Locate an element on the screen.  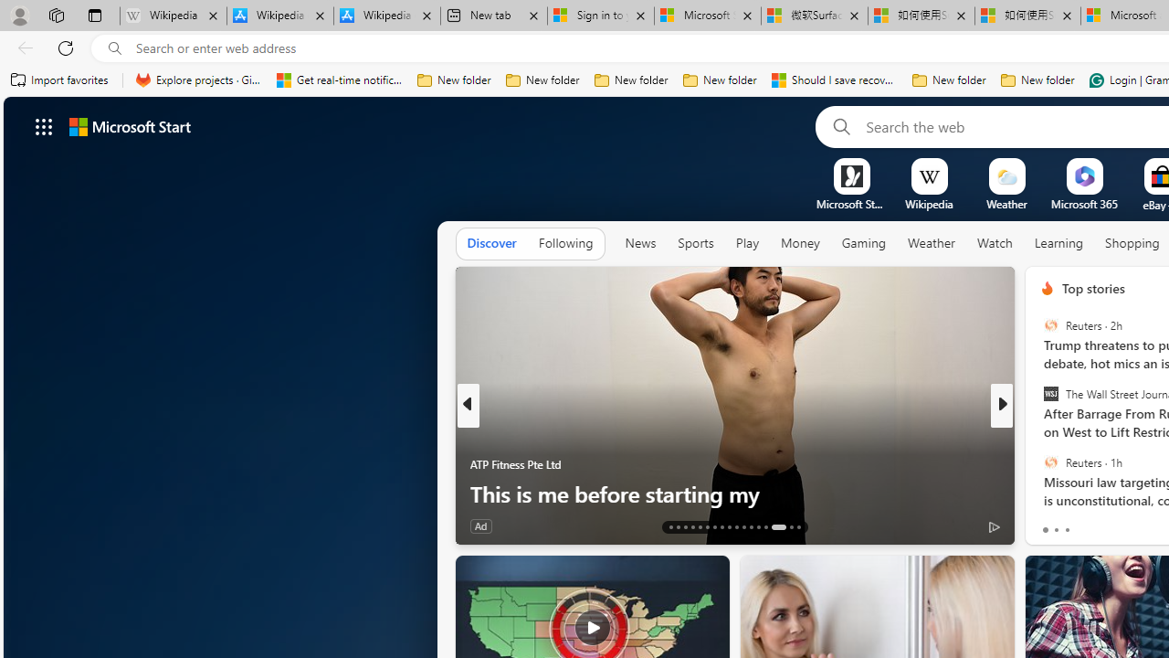
'tab-2' is located at coordinates (1067, 529).